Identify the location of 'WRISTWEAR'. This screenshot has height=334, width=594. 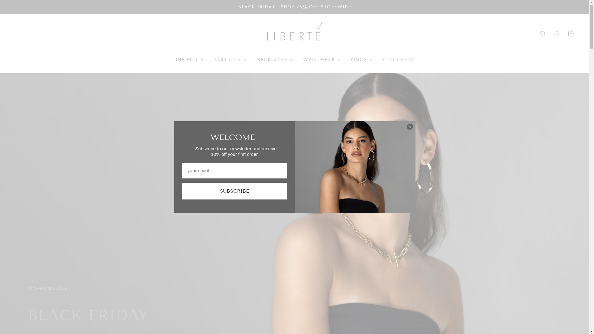
(322, 60).